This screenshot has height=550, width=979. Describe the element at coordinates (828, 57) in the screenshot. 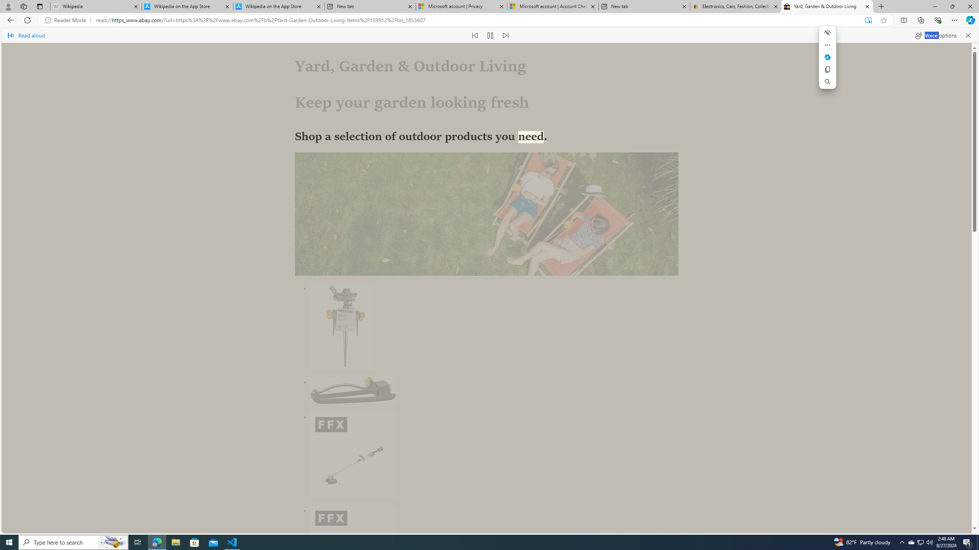

I see `'Ask Copilot'` at that location.